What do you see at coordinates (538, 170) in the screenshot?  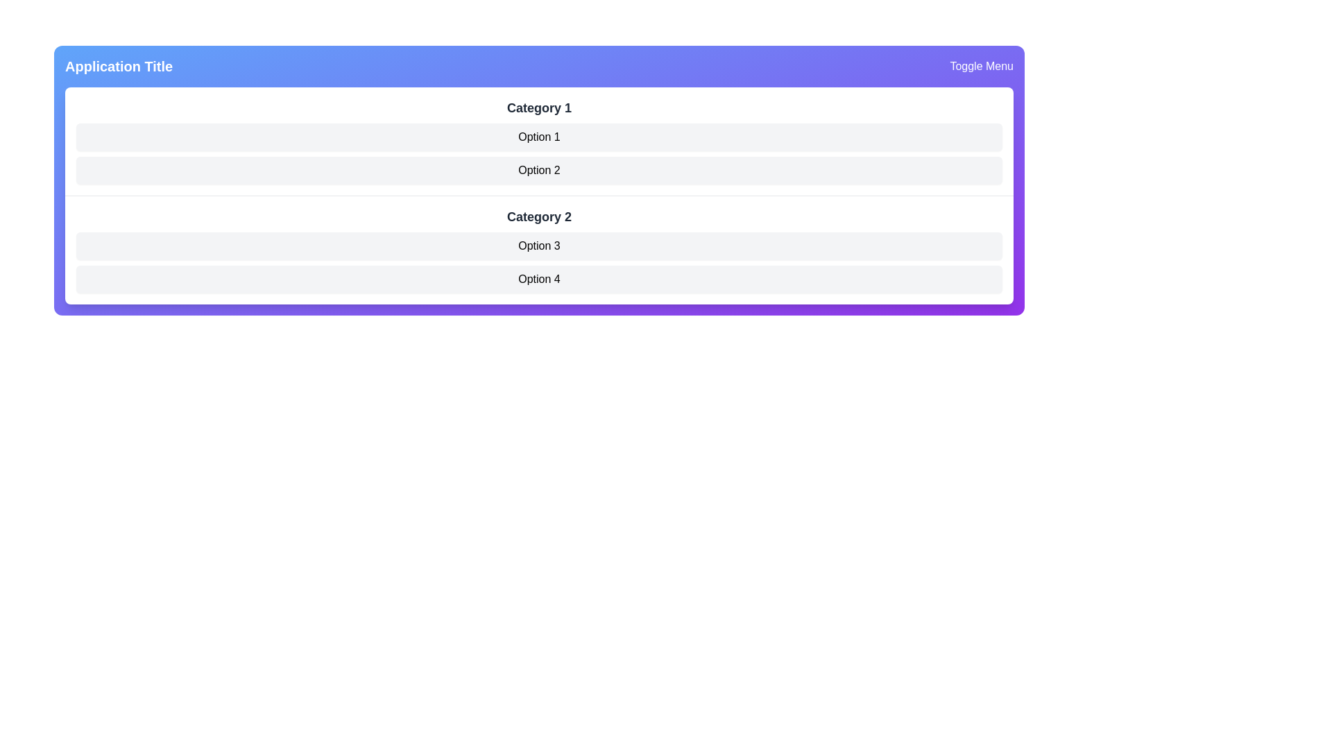 I see `the button labeled 'Option 2', which is the second button in a vertical list under the 'Category 1' heading` at bounding box center [538, 170].